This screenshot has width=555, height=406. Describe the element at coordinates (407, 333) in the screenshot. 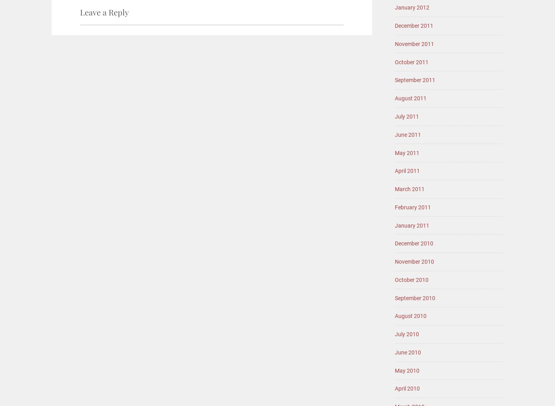

I see `'July 2010'` at that location.